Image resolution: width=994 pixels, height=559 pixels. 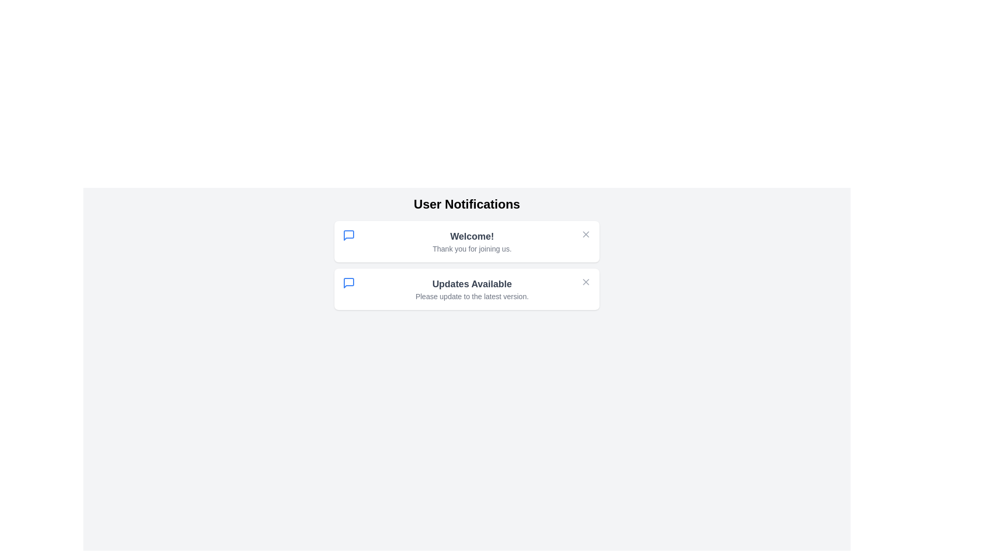 I want to click on the close button located in the top-right corner of the 'Welcome!' notification card to change the color of the icon, so click(x=586, y=234).